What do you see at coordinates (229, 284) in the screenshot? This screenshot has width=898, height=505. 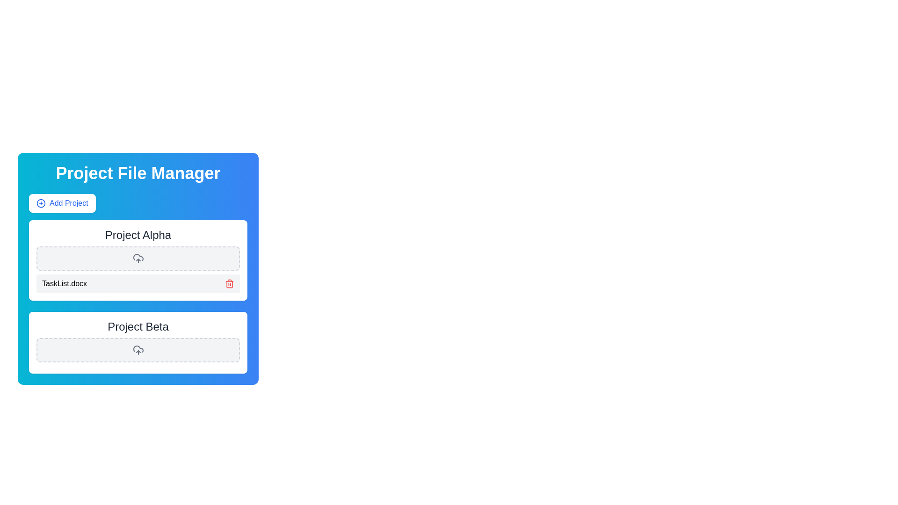 I see `the vertical line of the trash icon located on the far right side of the file row labeled 'TaskList.docx' under 'Project Alpha'` at bounding box center [229, 284].